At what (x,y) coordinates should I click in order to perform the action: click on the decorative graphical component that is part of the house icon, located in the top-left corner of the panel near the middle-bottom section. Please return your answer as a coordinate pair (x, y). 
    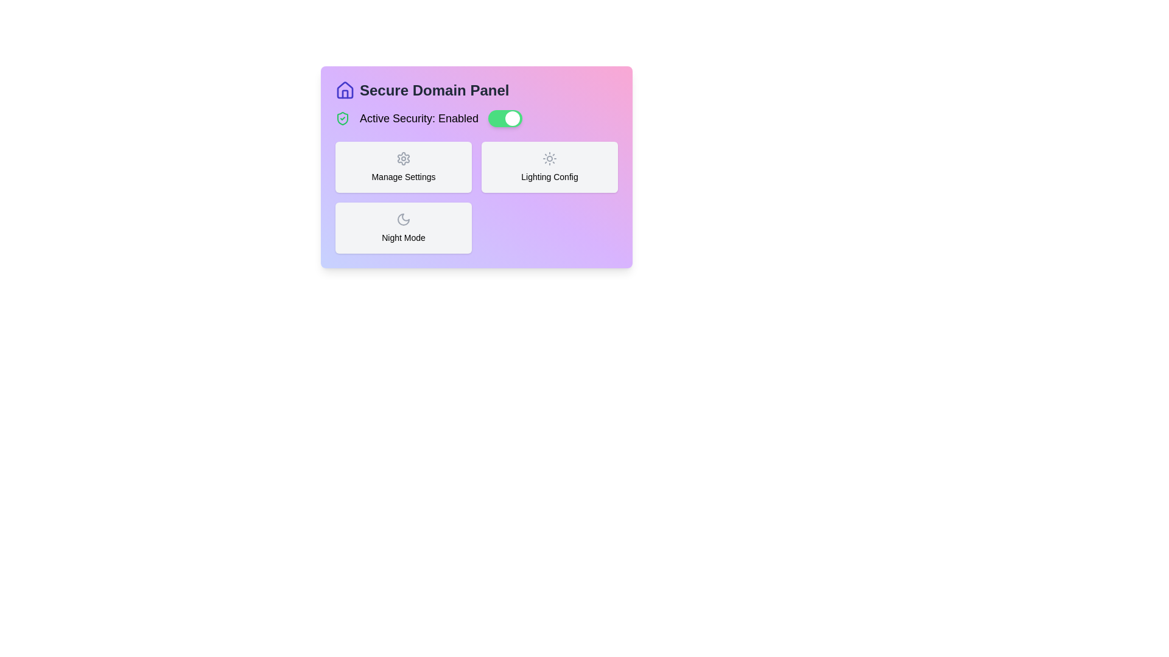
    Looking at the image, I should click on (344, 93).